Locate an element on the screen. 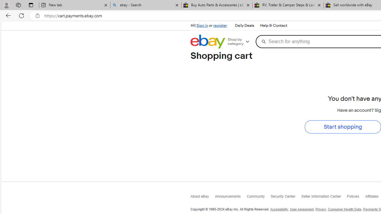 This screenshot has width=381, height=214. 'Security Center' is located at coordinates (286, 197).